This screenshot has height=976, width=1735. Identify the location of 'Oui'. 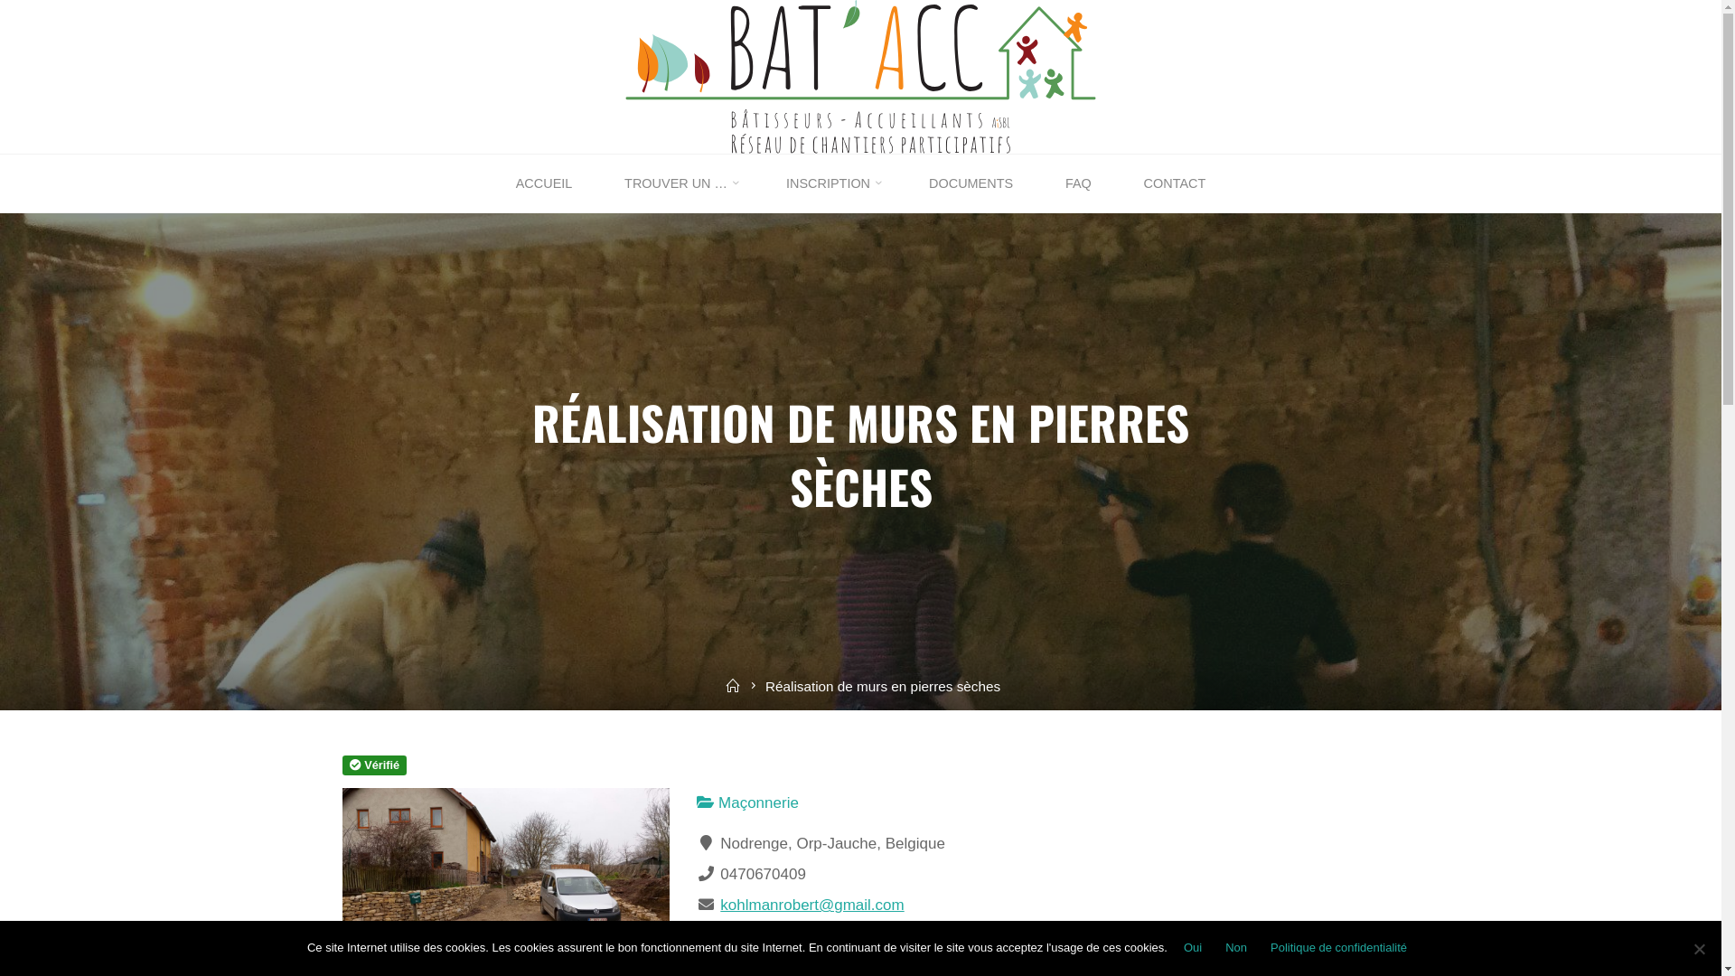
(1176, 947).